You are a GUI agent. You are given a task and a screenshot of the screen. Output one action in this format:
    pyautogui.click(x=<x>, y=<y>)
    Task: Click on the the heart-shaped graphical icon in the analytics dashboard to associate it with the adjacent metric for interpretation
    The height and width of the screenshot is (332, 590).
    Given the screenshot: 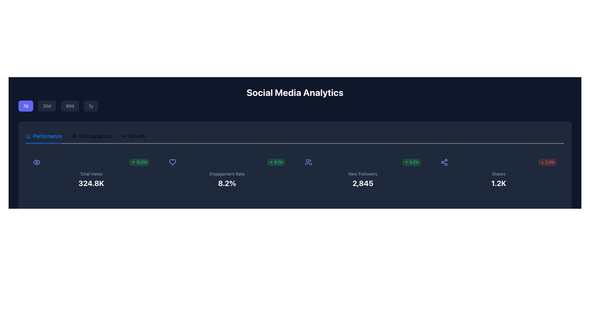 What is the action you would take?
    pyautogui.click(x=172, y=162)
    